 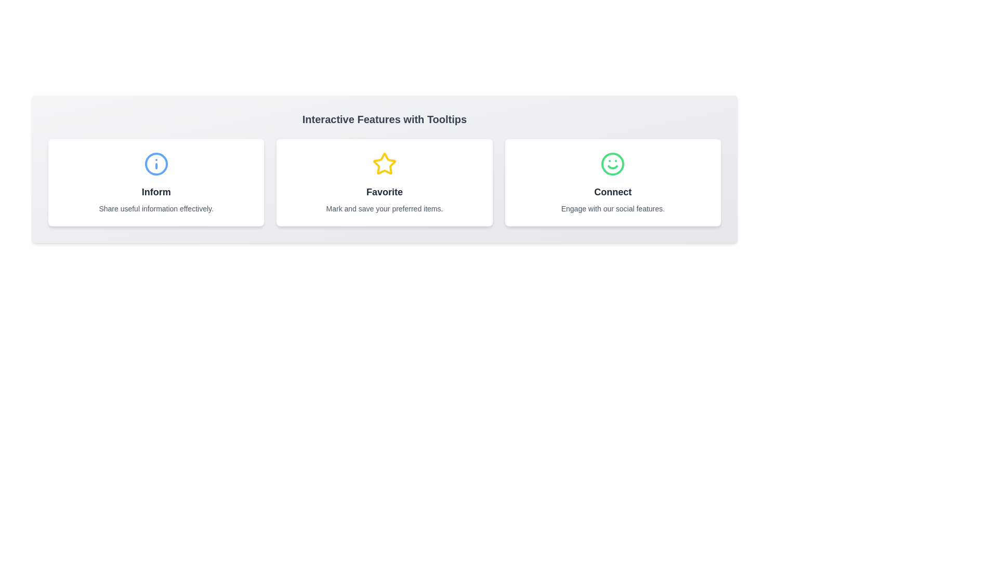 I want to click on the star icon representing the 'Favorite' feature, which is centrally located among three horizontally displayed feature cards, so click(x=384, y=164).